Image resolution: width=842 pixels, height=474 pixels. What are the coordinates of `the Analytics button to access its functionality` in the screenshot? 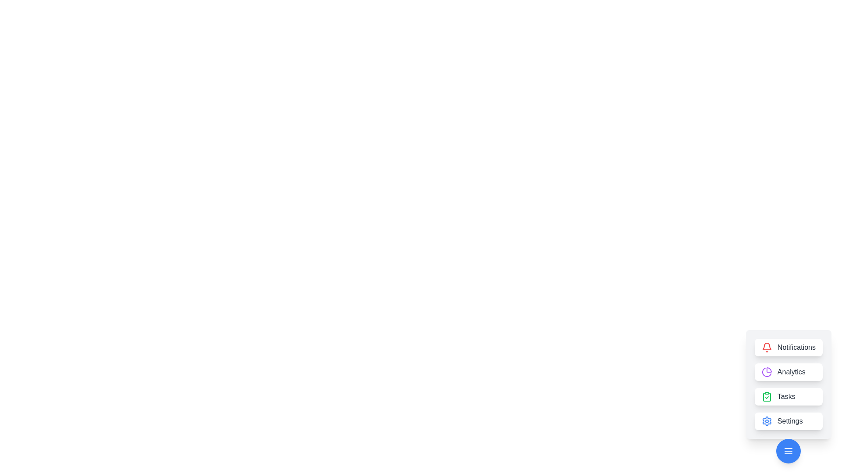 It's located at (788, 372).